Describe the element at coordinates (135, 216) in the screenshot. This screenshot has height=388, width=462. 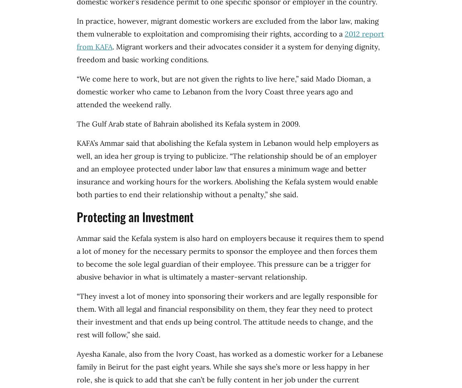
I see `'Protecting an Investment'` at that location.